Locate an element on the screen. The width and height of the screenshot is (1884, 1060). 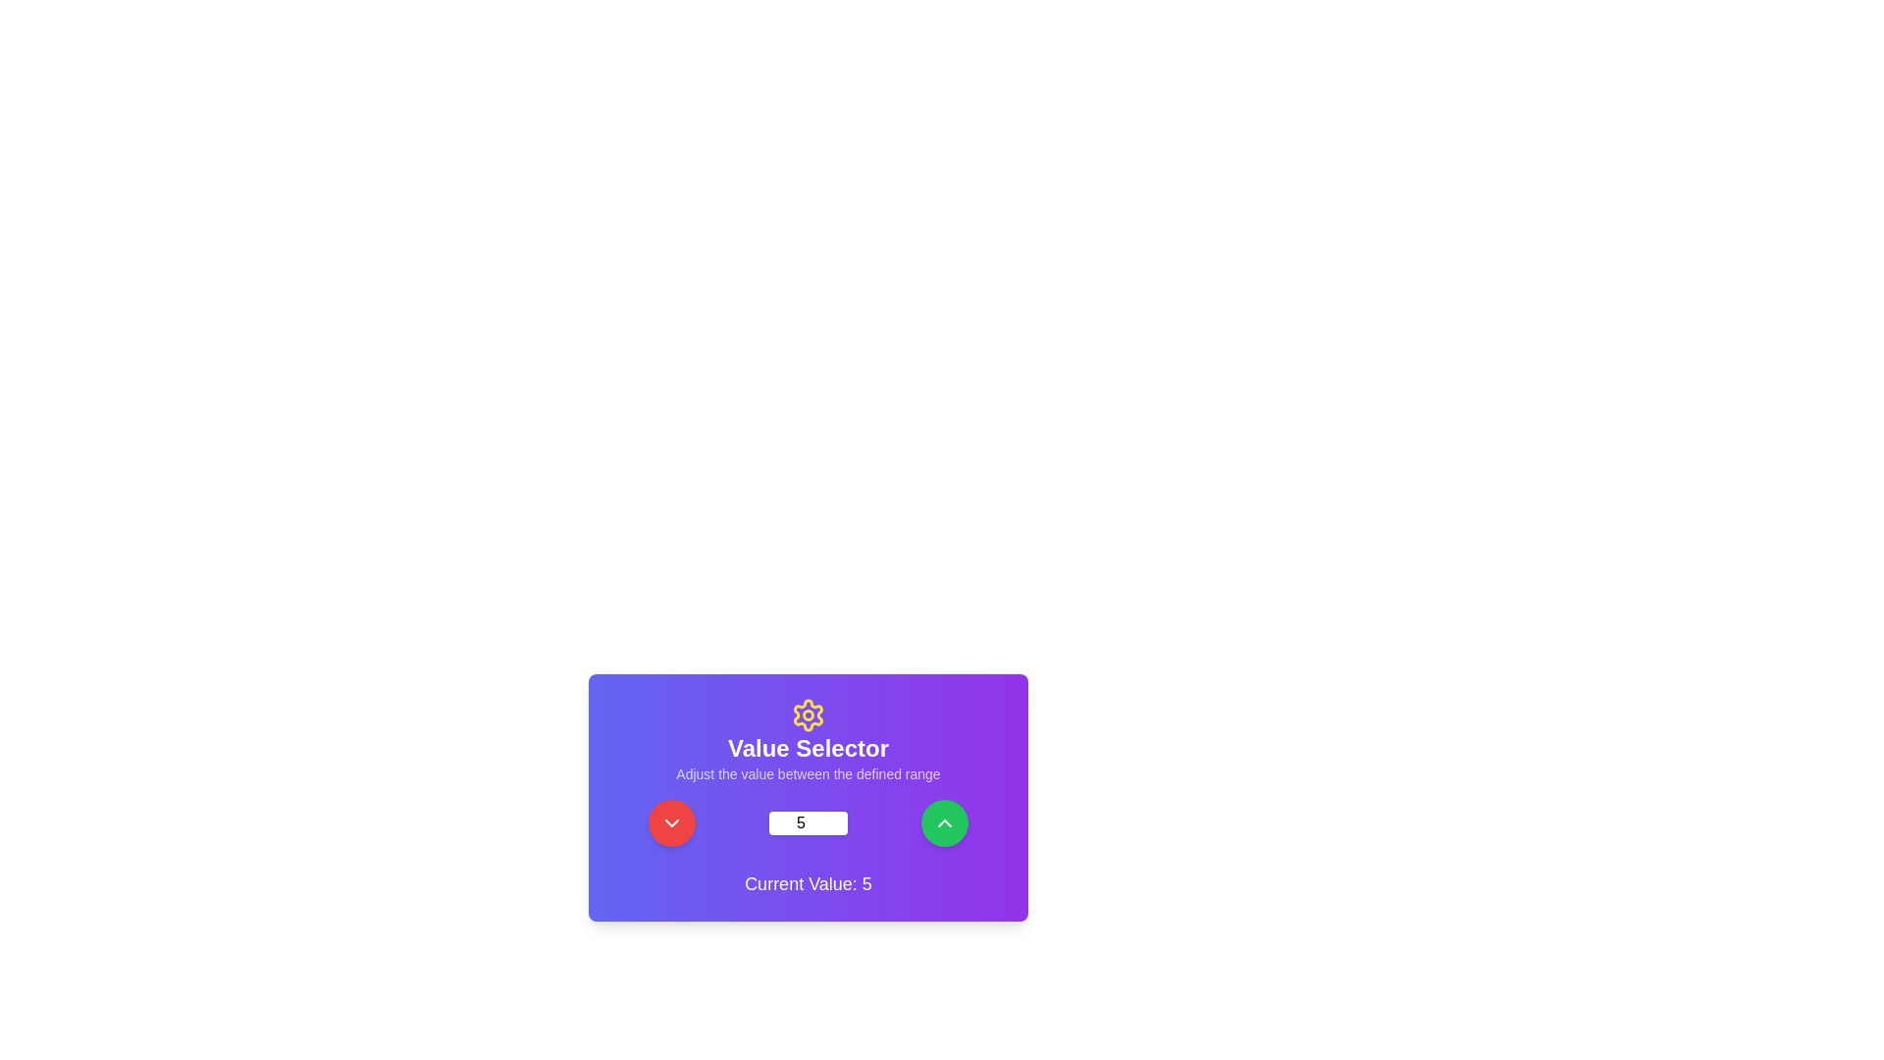
the Header titled 'Value Selector' that includes a subtitle and a gear icon, positioned centrally above the numeric value selector is located at coordinates (809, 741).